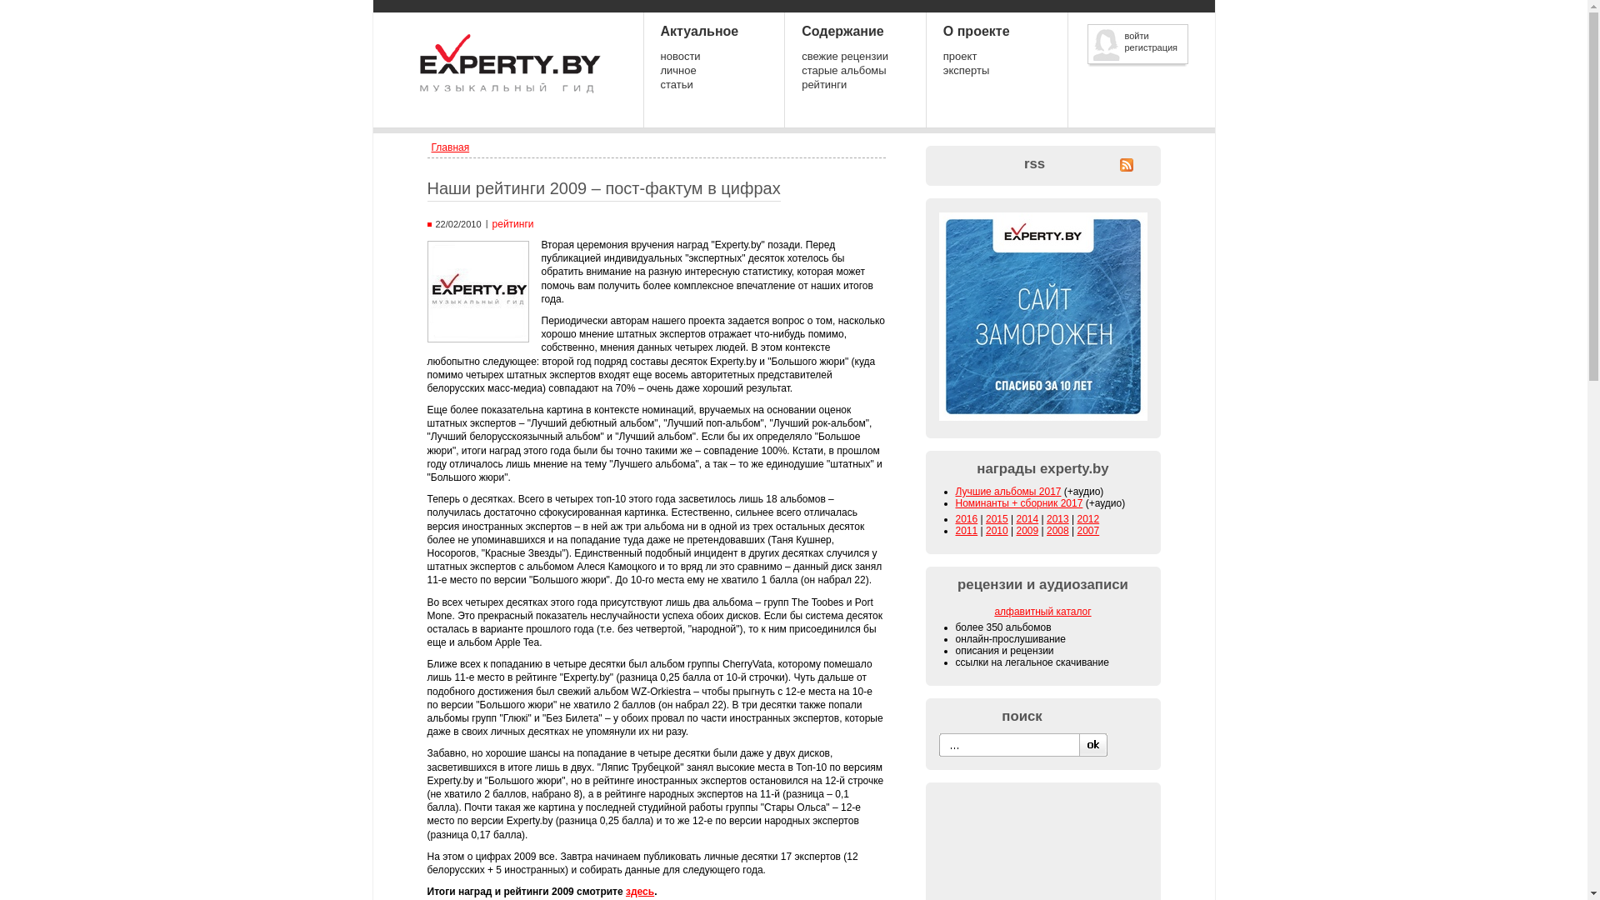 The height and width of the screenshot is (900, 1600). I want to click on '2010', so click(997, 530).